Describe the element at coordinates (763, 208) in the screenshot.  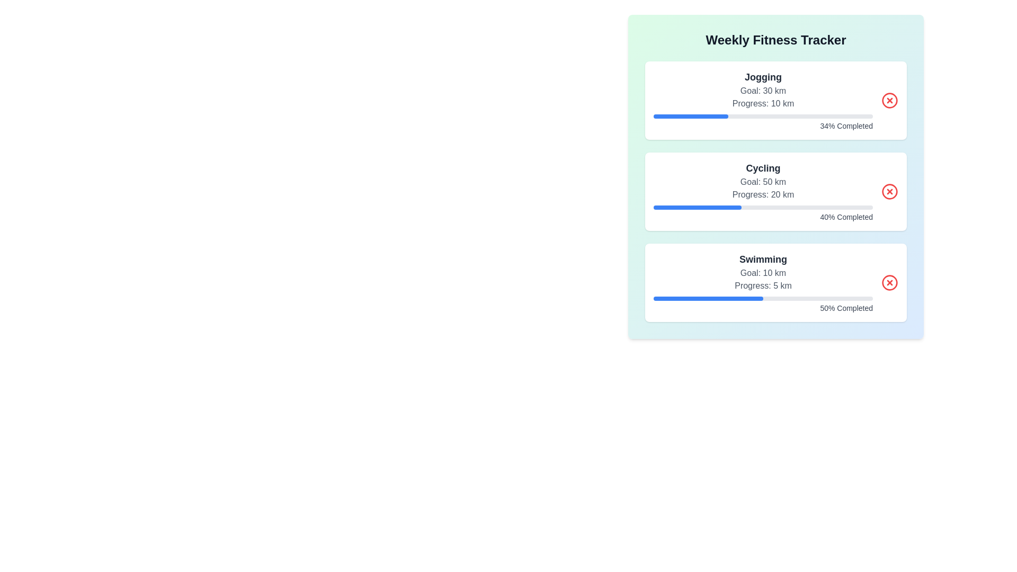
I see `the progress bar representing the 'Cycling' activity, which shows current progress at 20 km and is located beneath 'Progress: 20 km' and above '40% Completed'` at that location.